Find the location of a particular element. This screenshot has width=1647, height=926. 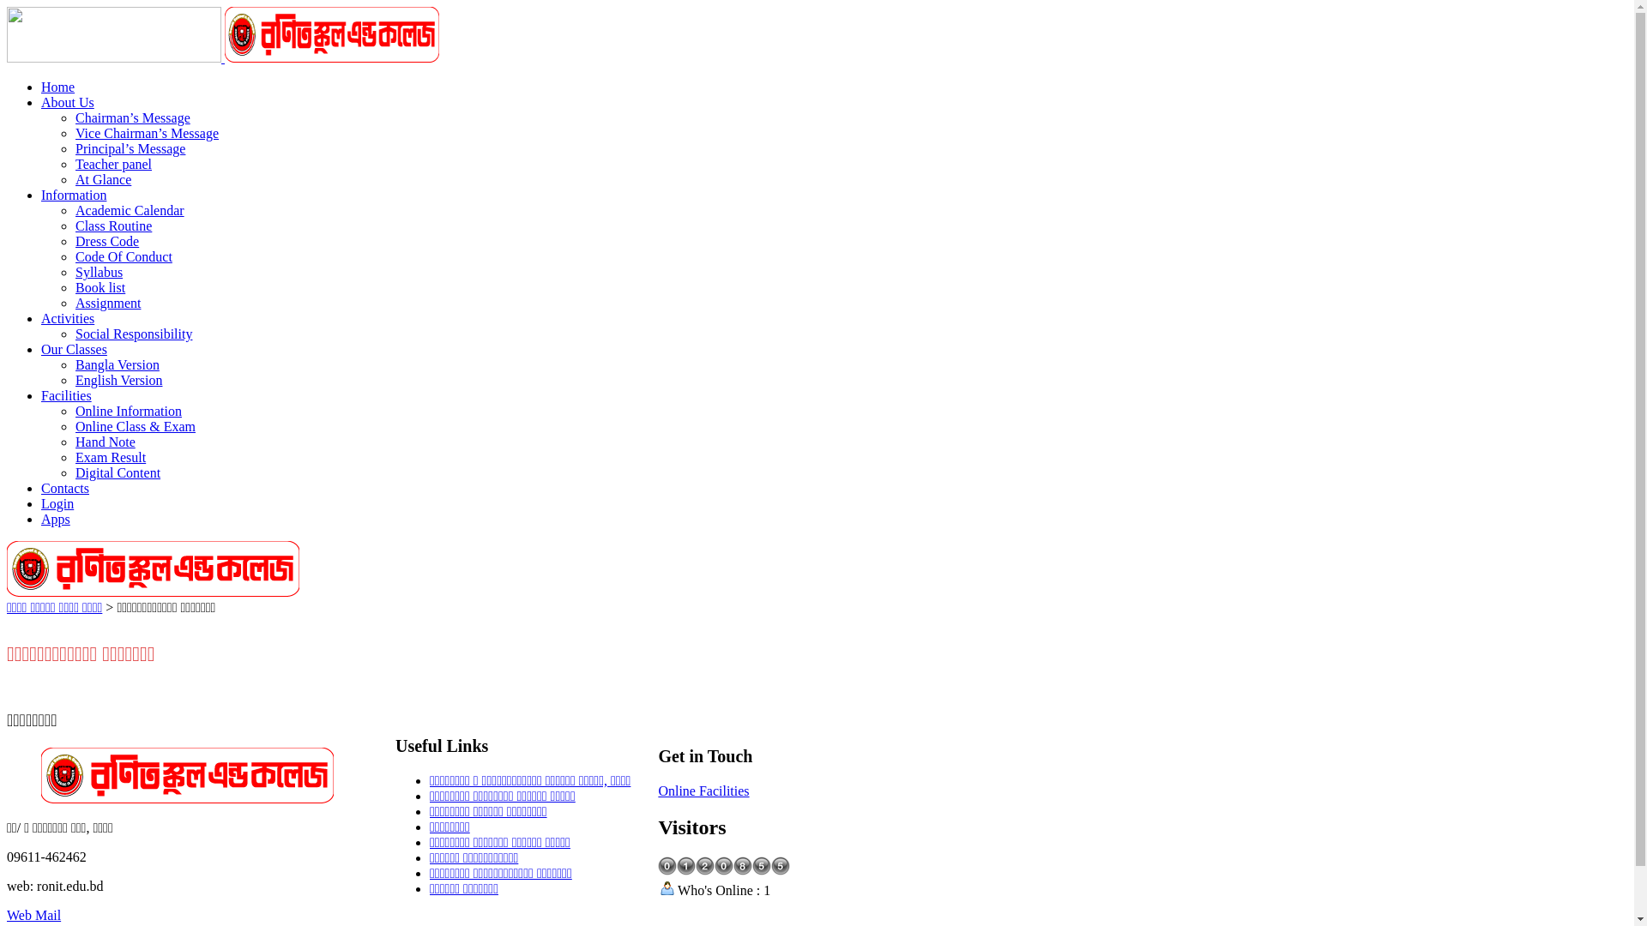

'Dress Code' is located at coordinates (106, 241).